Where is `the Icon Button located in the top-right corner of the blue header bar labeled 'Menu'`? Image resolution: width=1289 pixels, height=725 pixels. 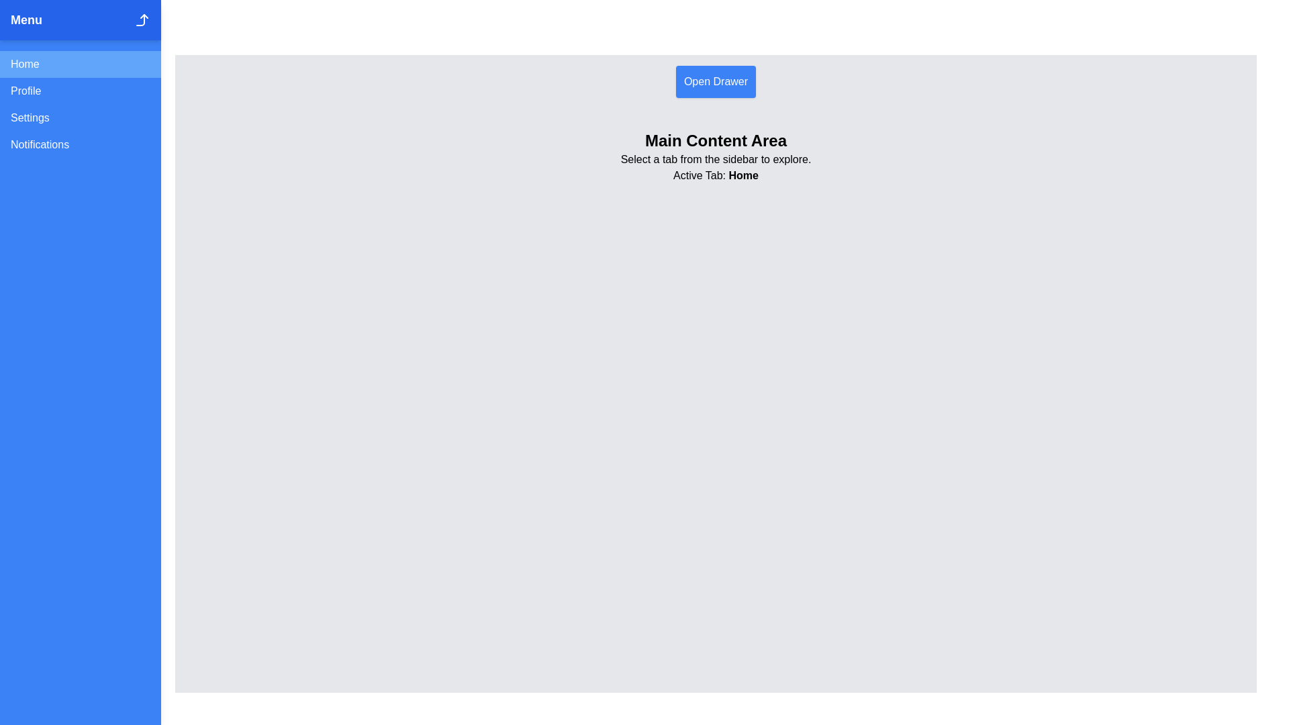
the Icon Button located in the top-right corner of the blue header bar labeled 'Menu' is located at coordinates (142, 20).